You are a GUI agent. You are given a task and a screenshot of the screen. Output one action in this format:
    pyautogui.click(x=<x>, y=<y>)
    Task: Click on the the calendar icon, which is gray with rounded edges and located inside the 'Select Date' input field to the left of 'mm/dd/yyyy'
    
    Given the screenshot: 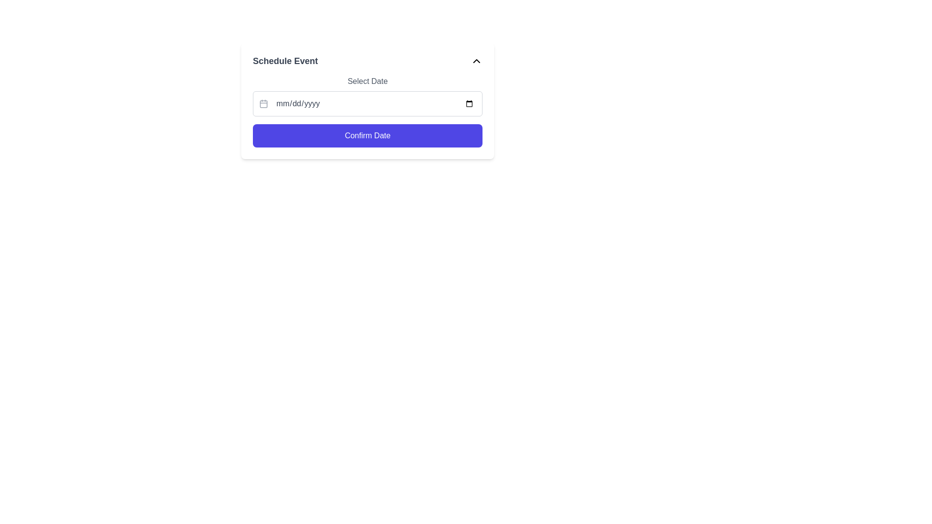 What is the action you would take?
    pyautogui.click(x=264, y=103)
    